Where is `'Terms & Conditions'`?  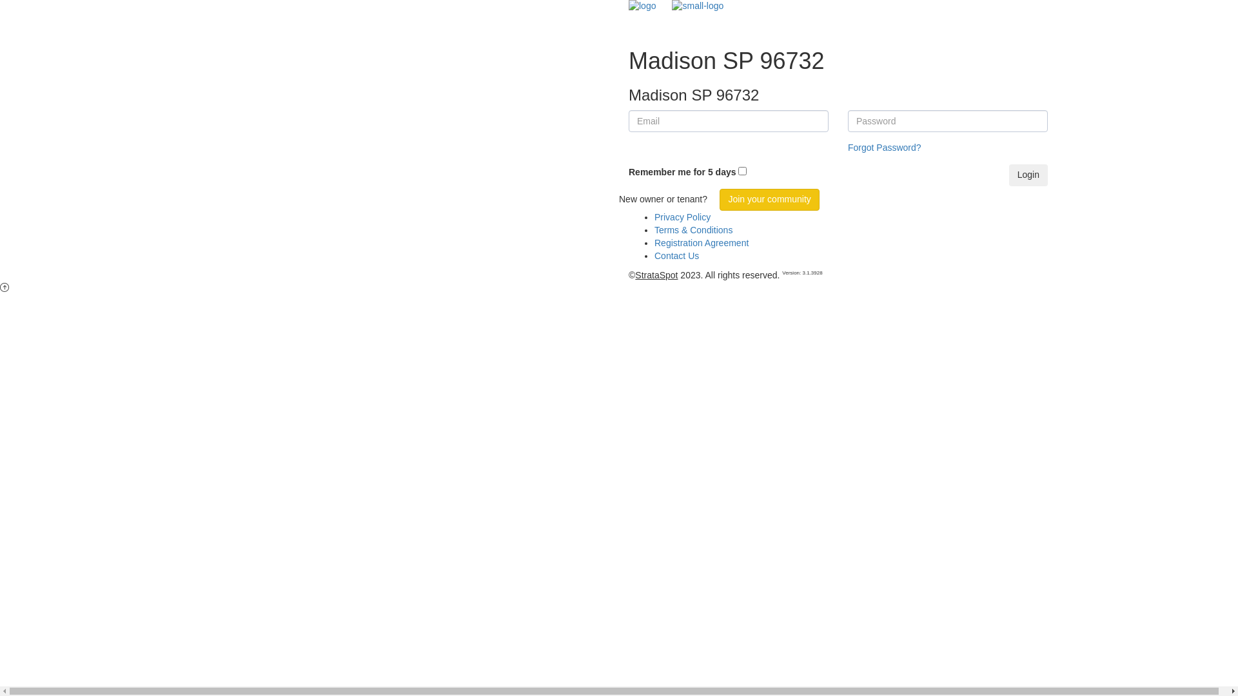 'Terms & Conditions' is located at coordinates (693, 229).